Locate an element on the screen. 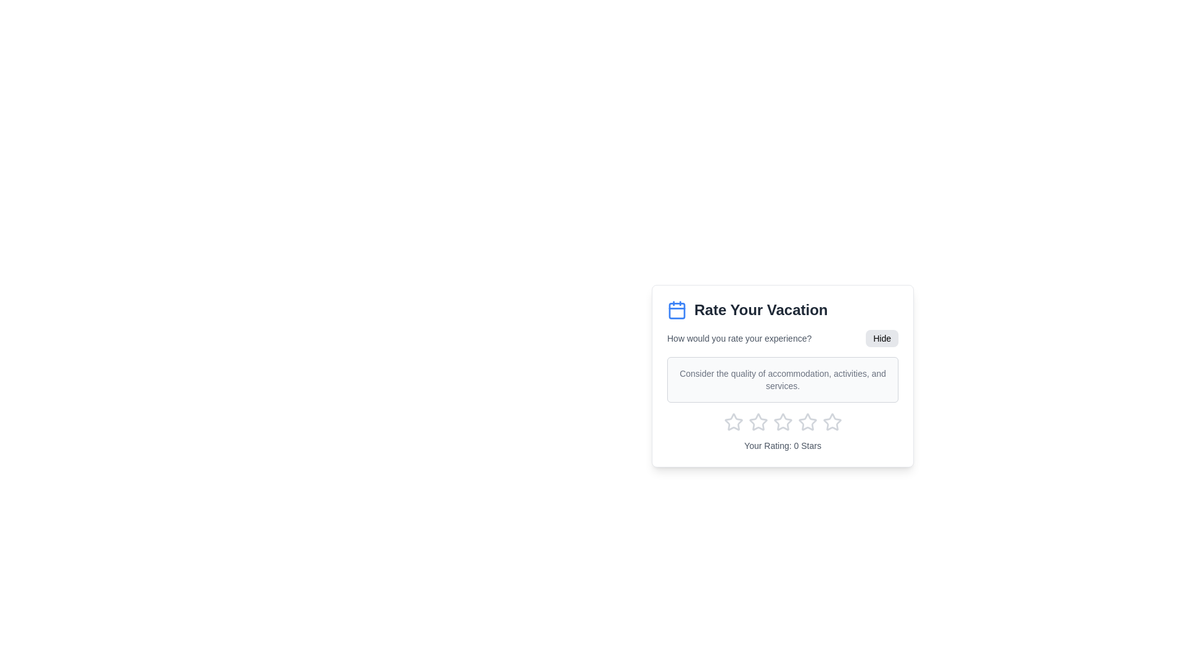 This screenshot has height=666, width=1184. the first star icon is located at coordinates (733, 422).